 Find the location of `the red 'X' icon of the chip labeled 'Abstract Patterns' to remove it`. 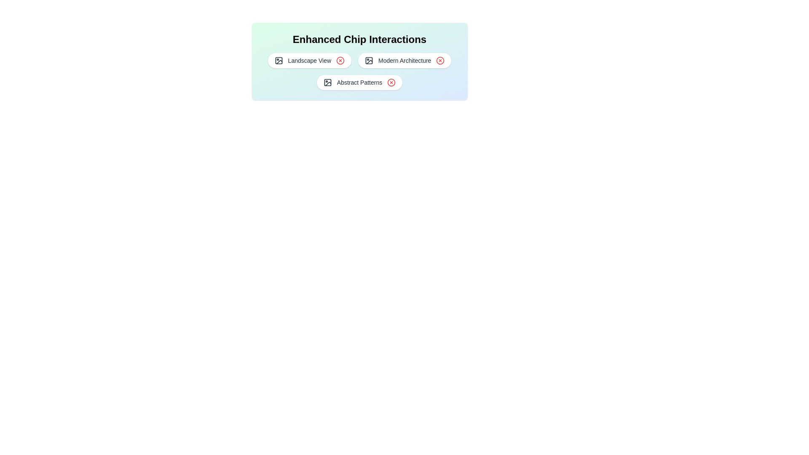

the red 'X' icon of the chip labeled 'Abstract Patterns' to remove it is located at coordinates (391, 83).